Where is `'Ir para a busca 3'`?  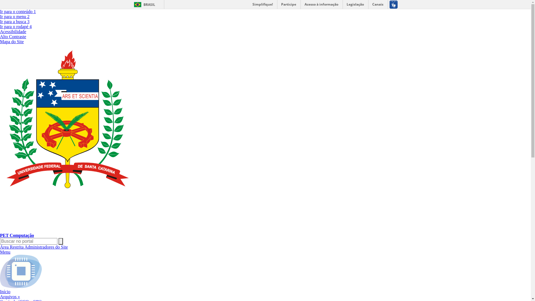
'Ir para a busca 3' is located at coordinates (14, 21).